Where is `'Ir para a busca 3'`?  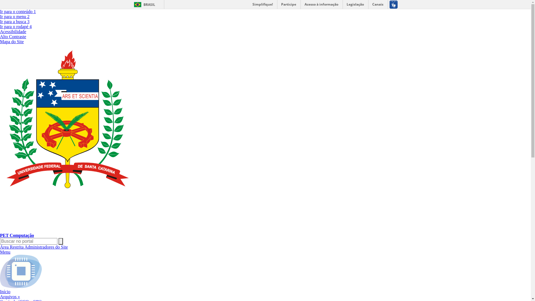
'Ir para a busca 3' is located at coordinates (14, 21).